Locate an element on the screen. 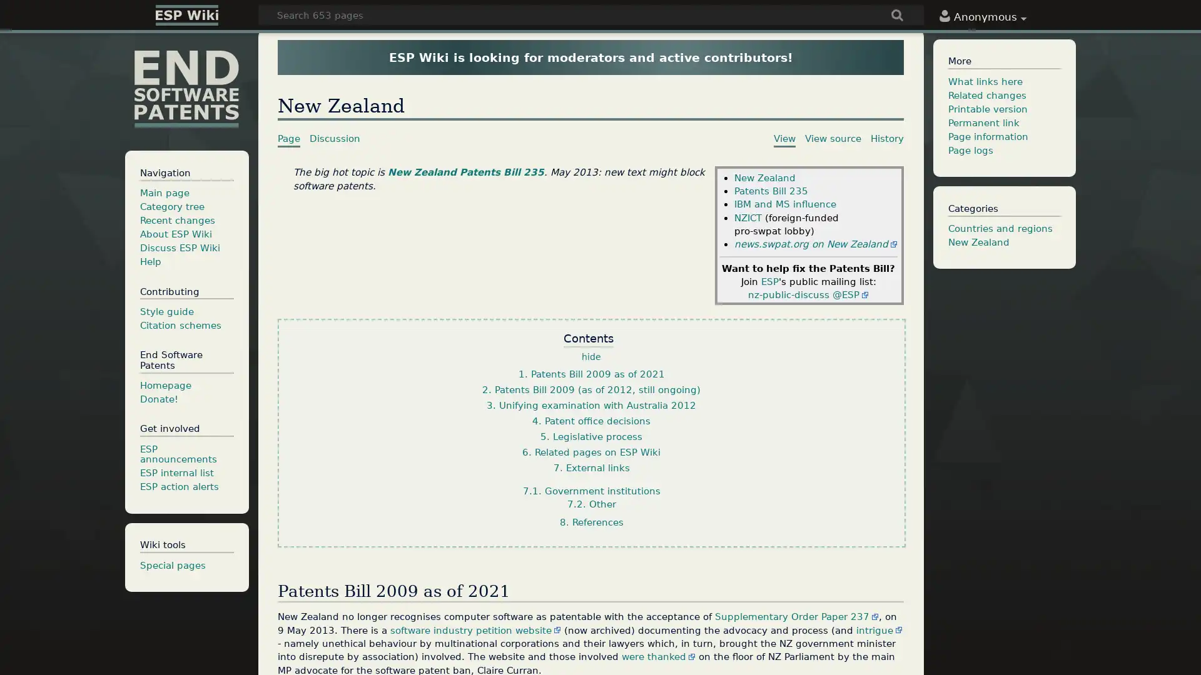 Image resolution: width=1201 pixels, height=675 pixels. Go is located at coordinates (897, 16).